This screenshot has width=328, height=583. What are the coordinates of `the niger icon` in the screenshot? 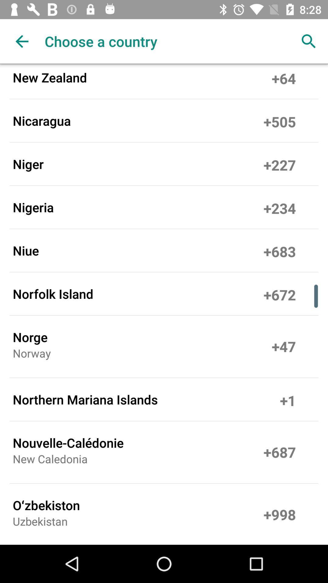 It's located at (28, 164).